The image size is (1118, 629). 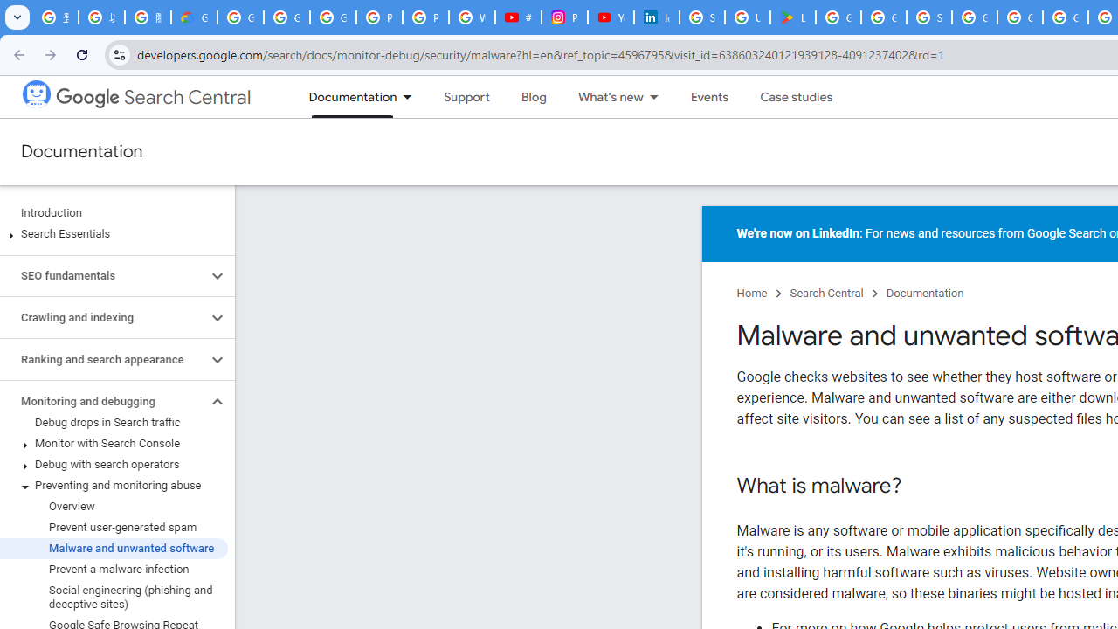 What do you see at coordinates (411, 97) in the screenshot?
I see `'Dropdown menu for Documentation'` at bounding box center [411, 97].